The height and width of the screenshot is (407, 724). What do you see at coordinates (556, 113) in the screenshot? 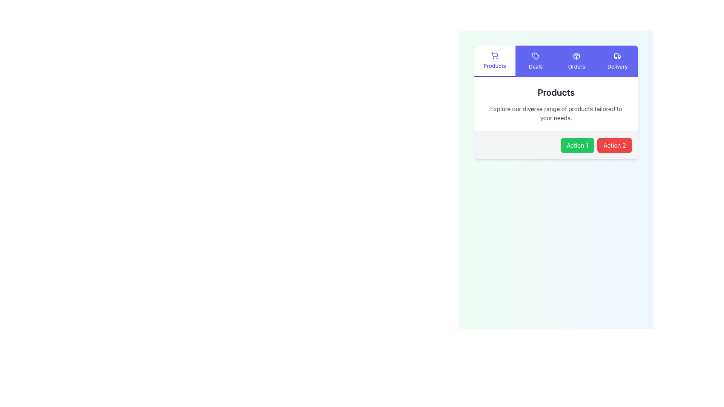
I see `the descriptive text element located below the 'Products' header, which informs users about the offerings in the 'Products' section` at bounding box center [556, 113].